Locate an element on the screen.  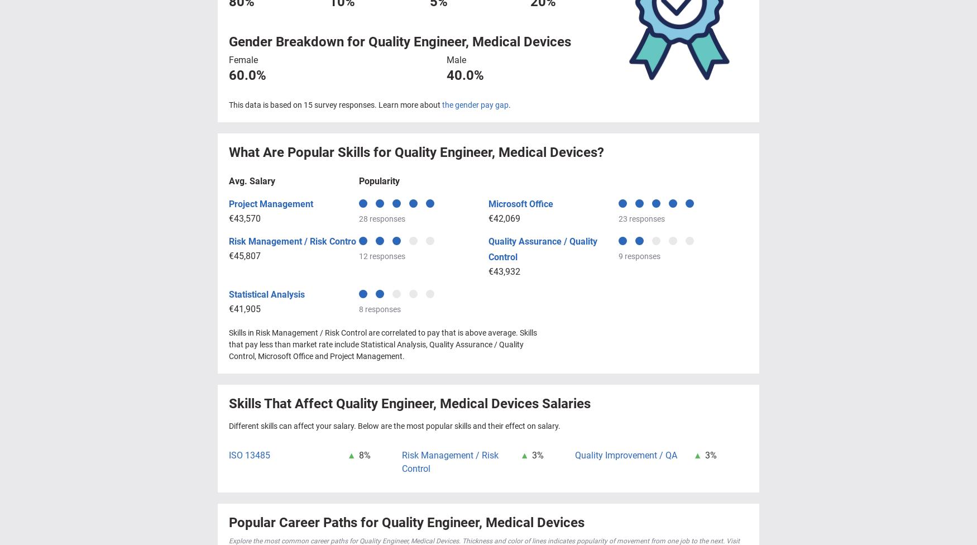
'?' is located at coordinates (601, 152).